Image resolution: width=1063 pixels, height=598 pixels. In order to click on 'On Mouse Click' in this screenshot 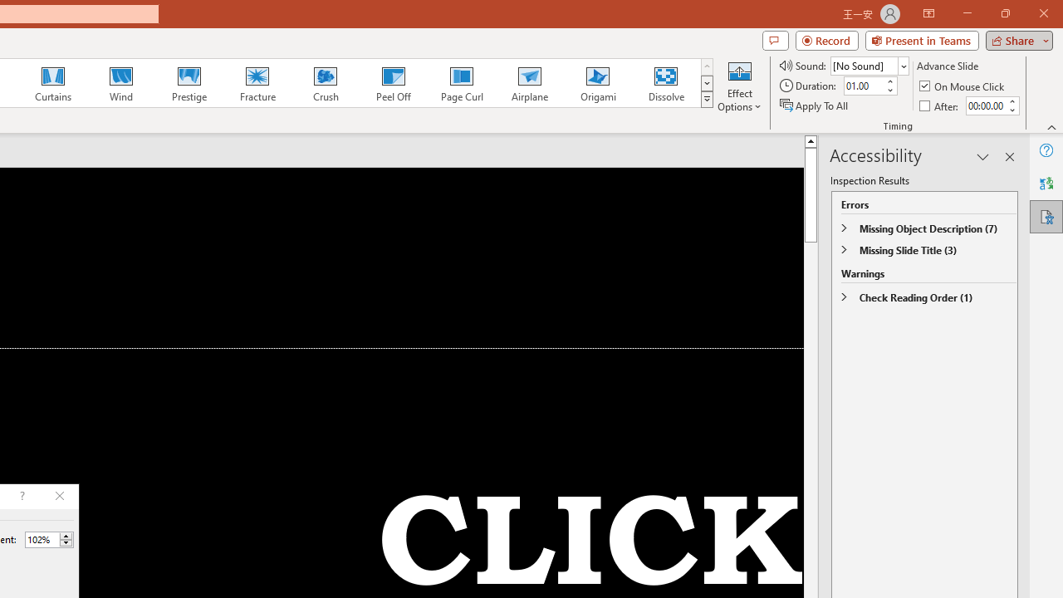, I will do `click(963, 86)`.